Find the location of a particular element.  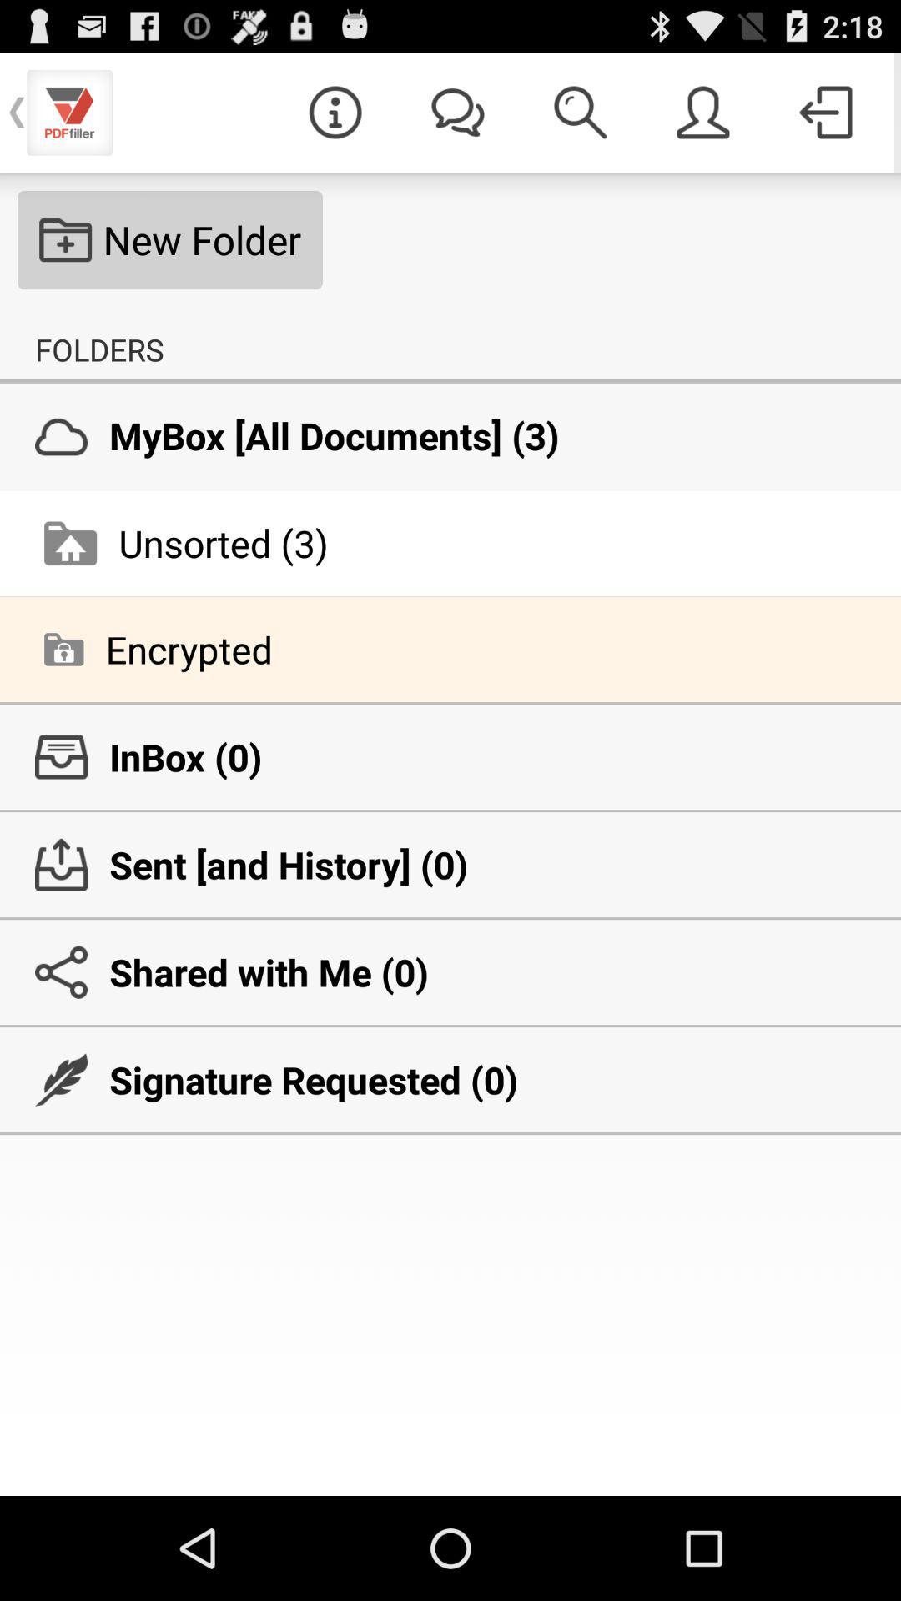

mybox all documents icon is located at coordinates (450, 435).